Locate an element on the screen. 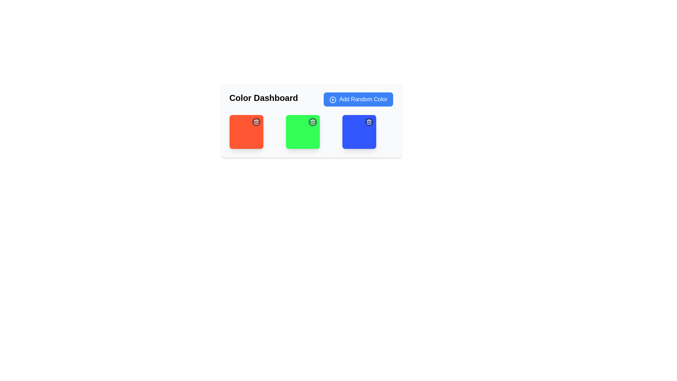  the circular delete button located at the top-right corner of the blue card with a trash can icon is located at coordinates (368, 122).